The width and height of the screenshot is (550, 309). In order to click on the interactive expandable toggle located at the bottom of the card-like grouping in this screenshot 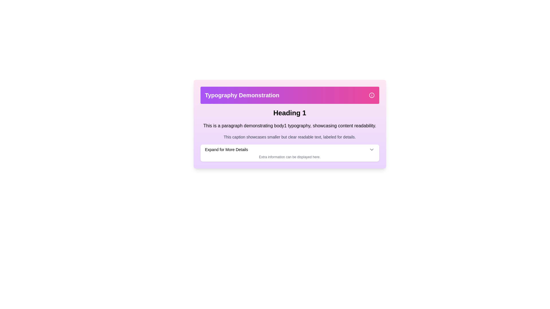, I will do `click(290, 149)`.